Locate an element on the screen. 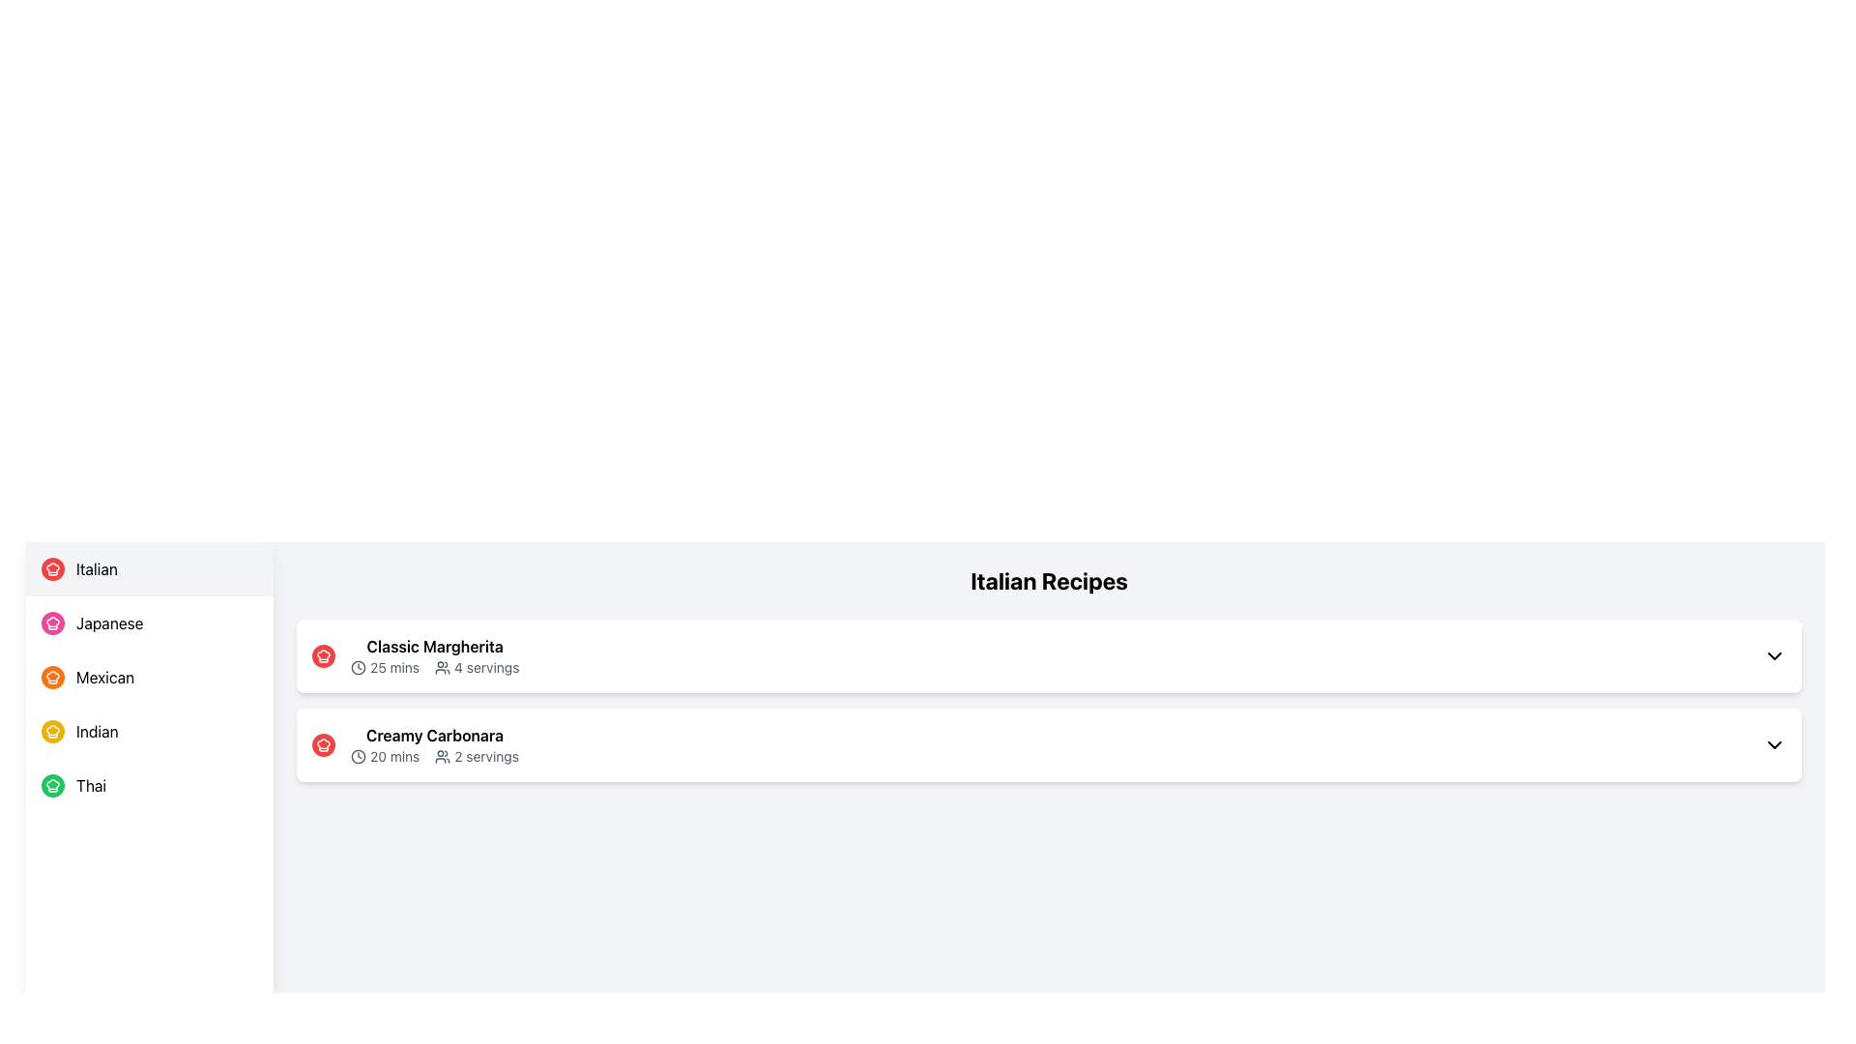 The image size is (1856, 1044). the text label displaying 'Indian' in bold font style, located in the fourth position of the vertical menu list is located at coordinates (96, 731).